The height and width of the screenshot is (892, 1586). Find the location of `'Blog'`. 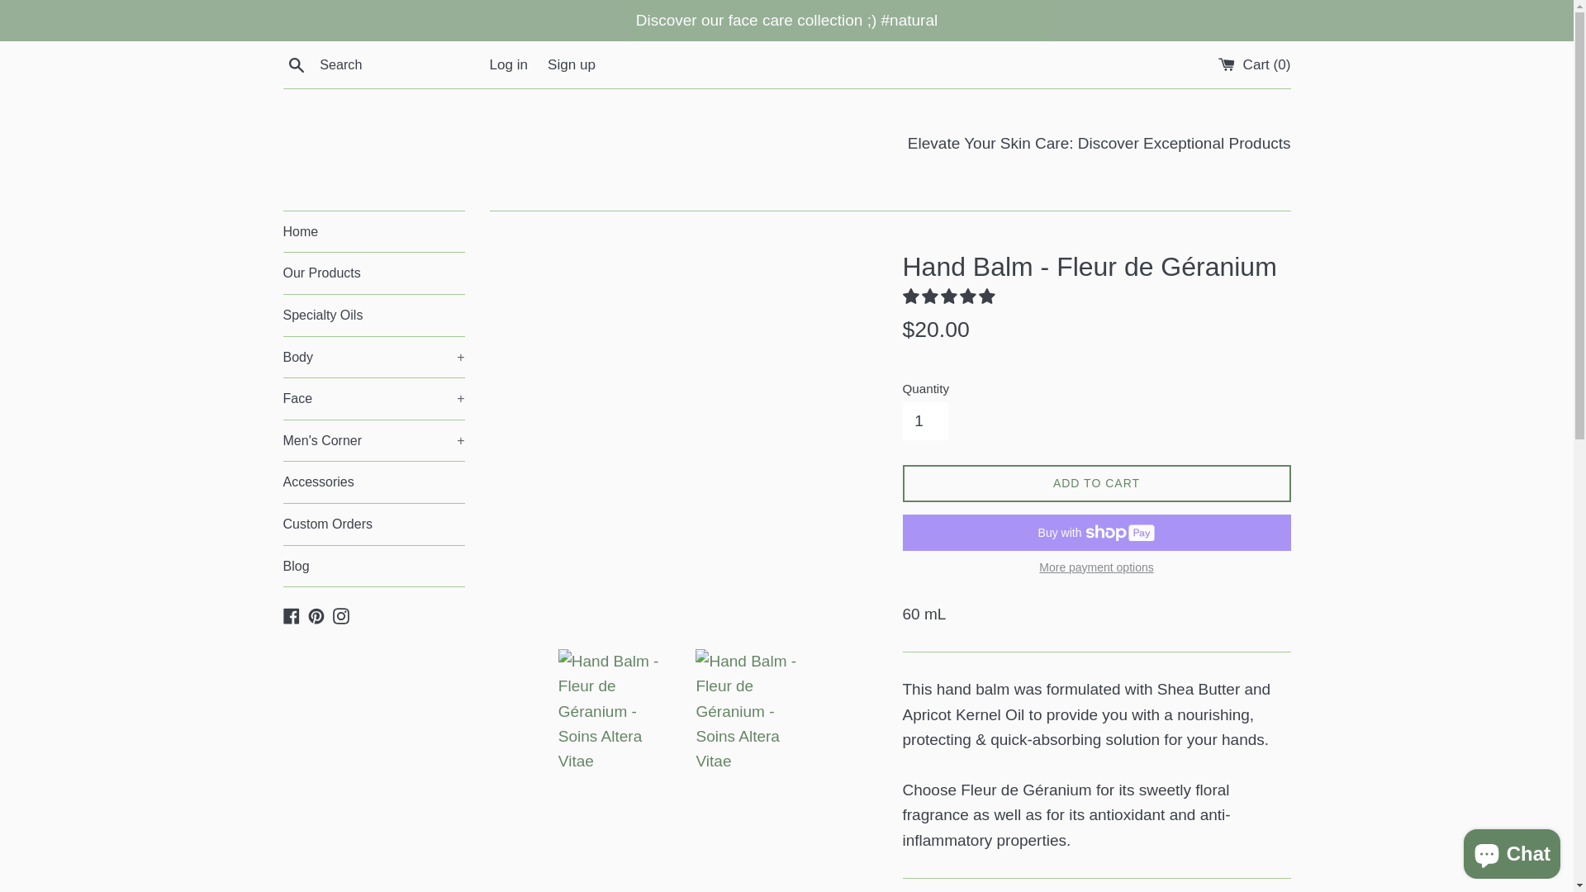

'Blog' is located at coordinates (282, 566).